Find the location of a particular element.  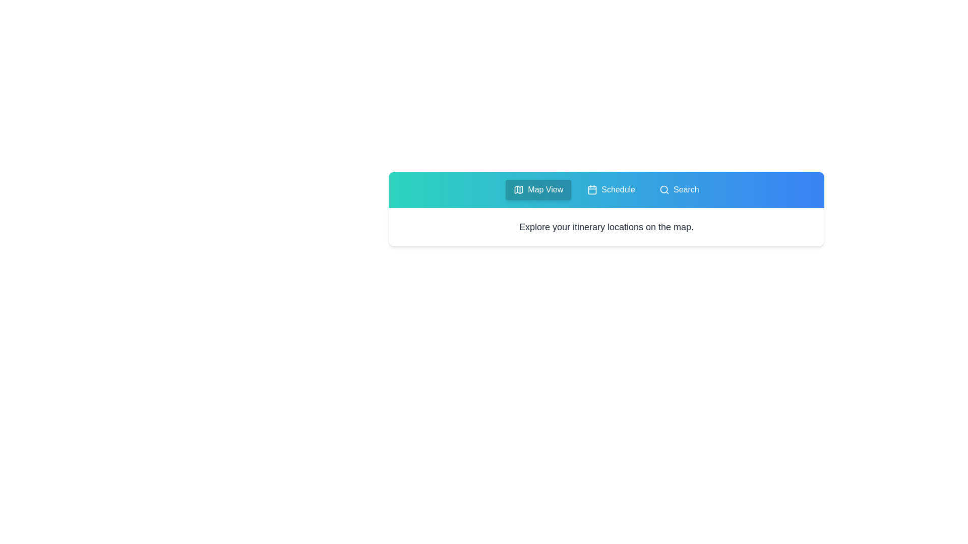

the 'Map View' button located in the top navigation bar is located at coordinates (545, 190).